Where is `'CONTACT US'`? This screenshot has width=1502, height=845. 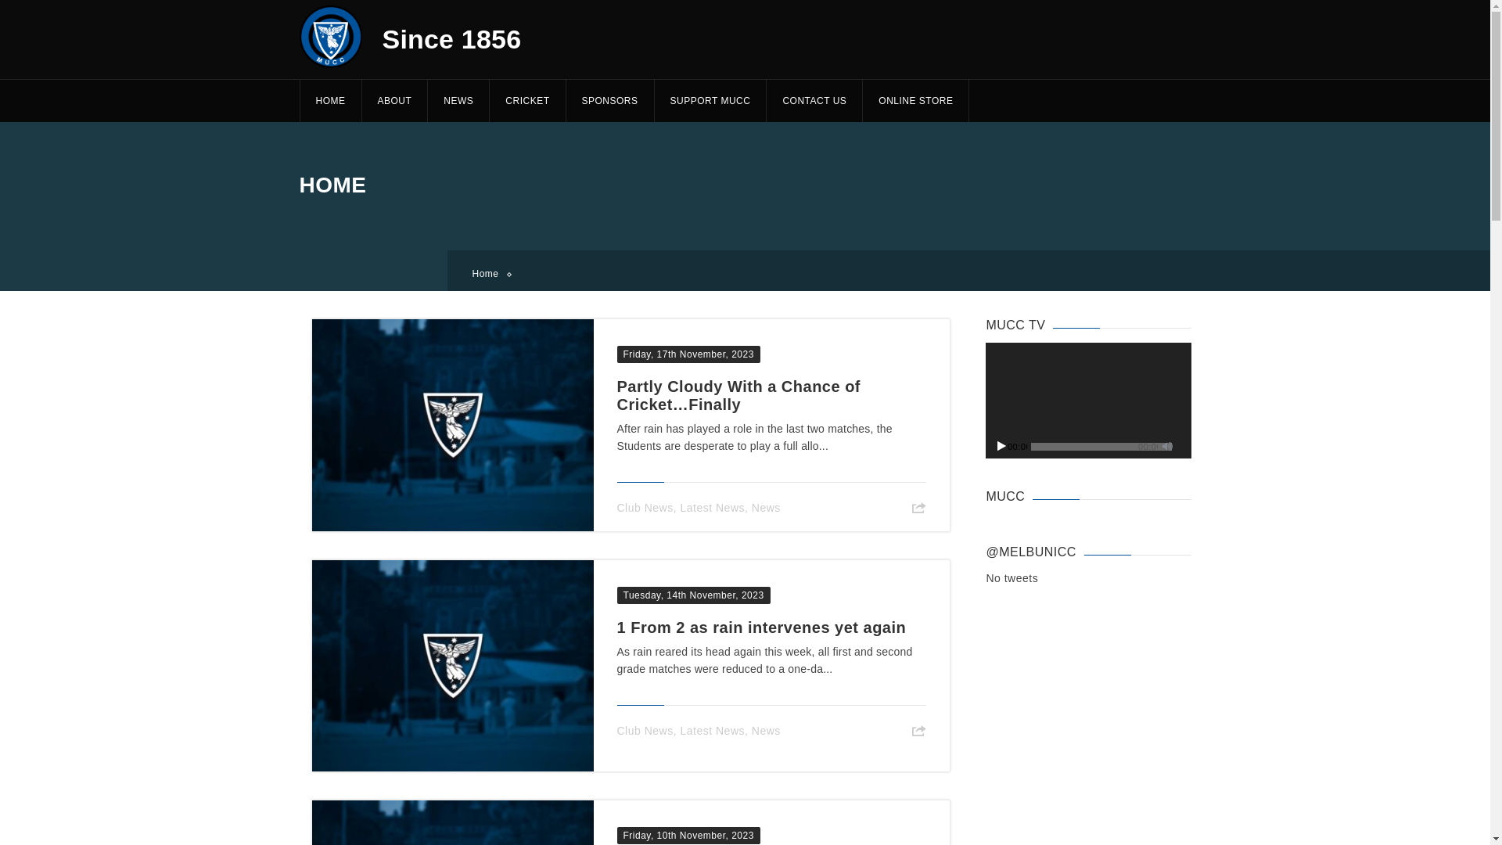 'CONTACT US' is located at coordinates (814, 100).